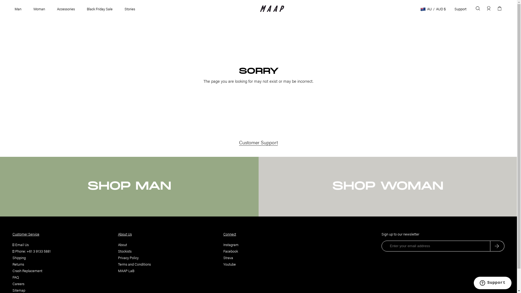  I want to click on 'Woman', so click(39, 9).